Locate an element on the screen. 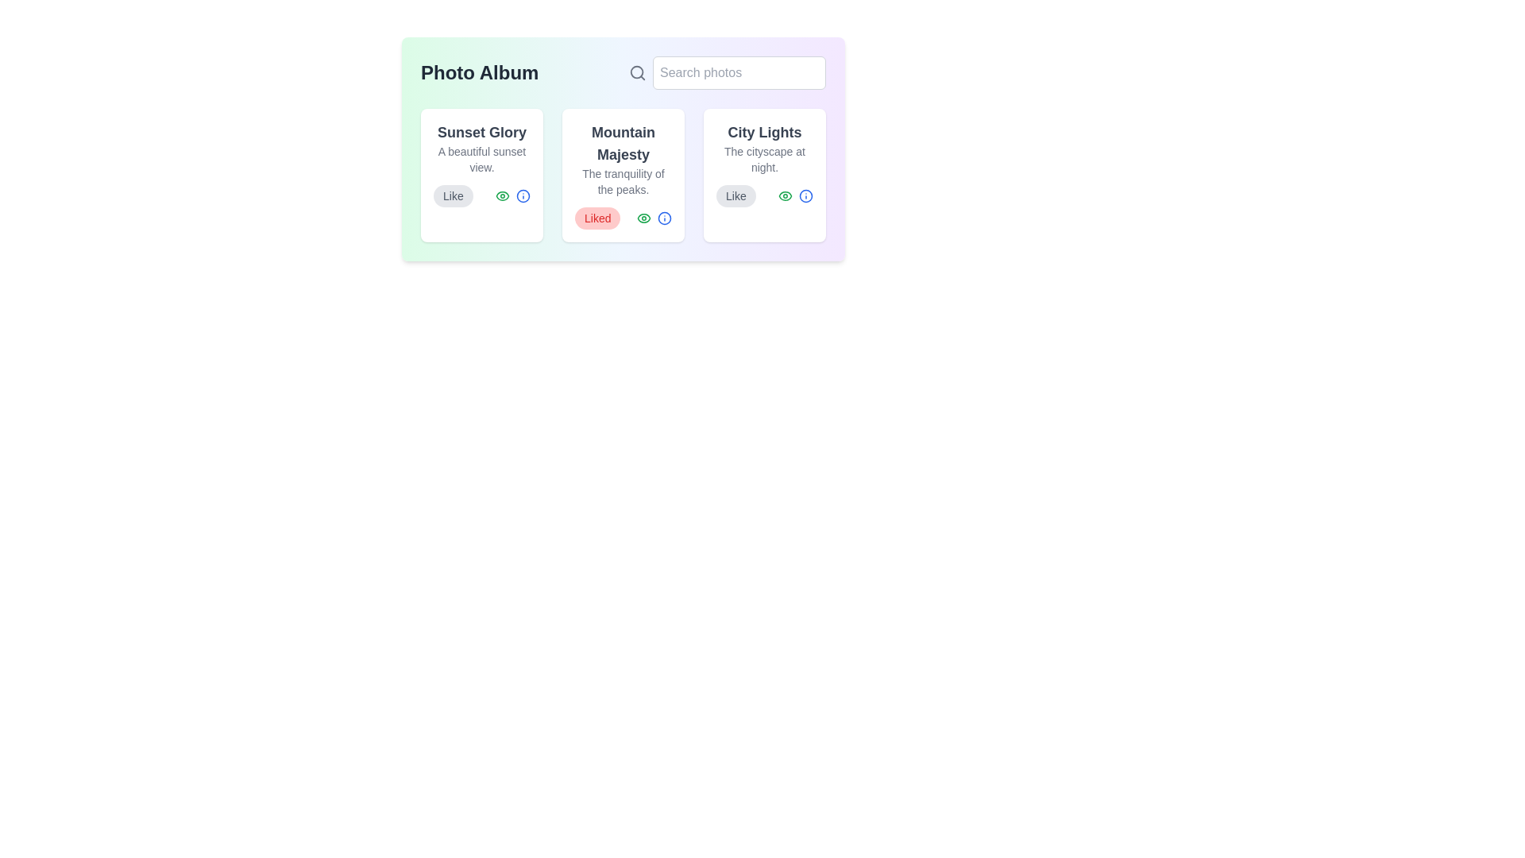 Image resolution: width=1525 pixels, height=858 pixels. the information icon of the photo titled City Lights is located at coordinates (805, 195).